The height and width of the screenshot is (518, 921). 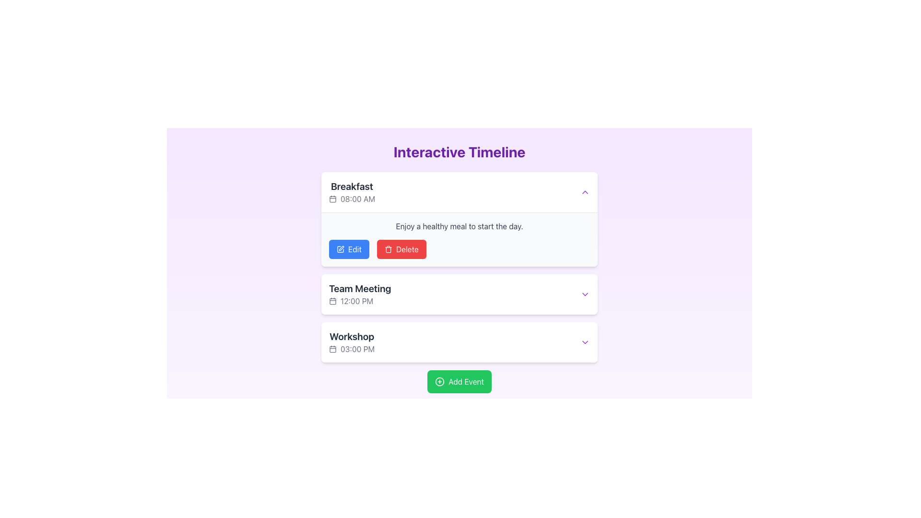 What do you see at coordinates (359, 294) in the screenshot?
I see `the 'Team Meeting' event summary entry which includes the title in bold and a calendar icon` at bounding box center [359, 294].